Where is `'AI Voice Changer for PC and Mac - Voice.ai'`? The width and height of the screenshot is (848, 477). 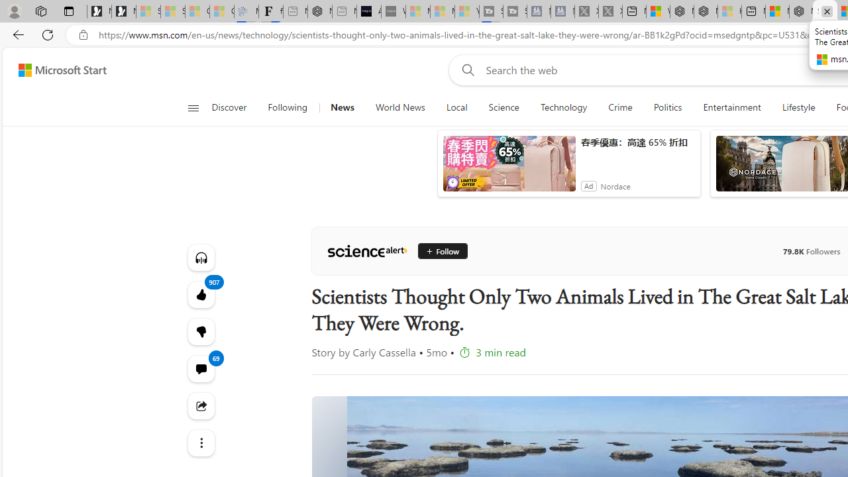
'AI Voice Changer for PC and Mac - Voice.ai' is located at coordinates (368, 11).